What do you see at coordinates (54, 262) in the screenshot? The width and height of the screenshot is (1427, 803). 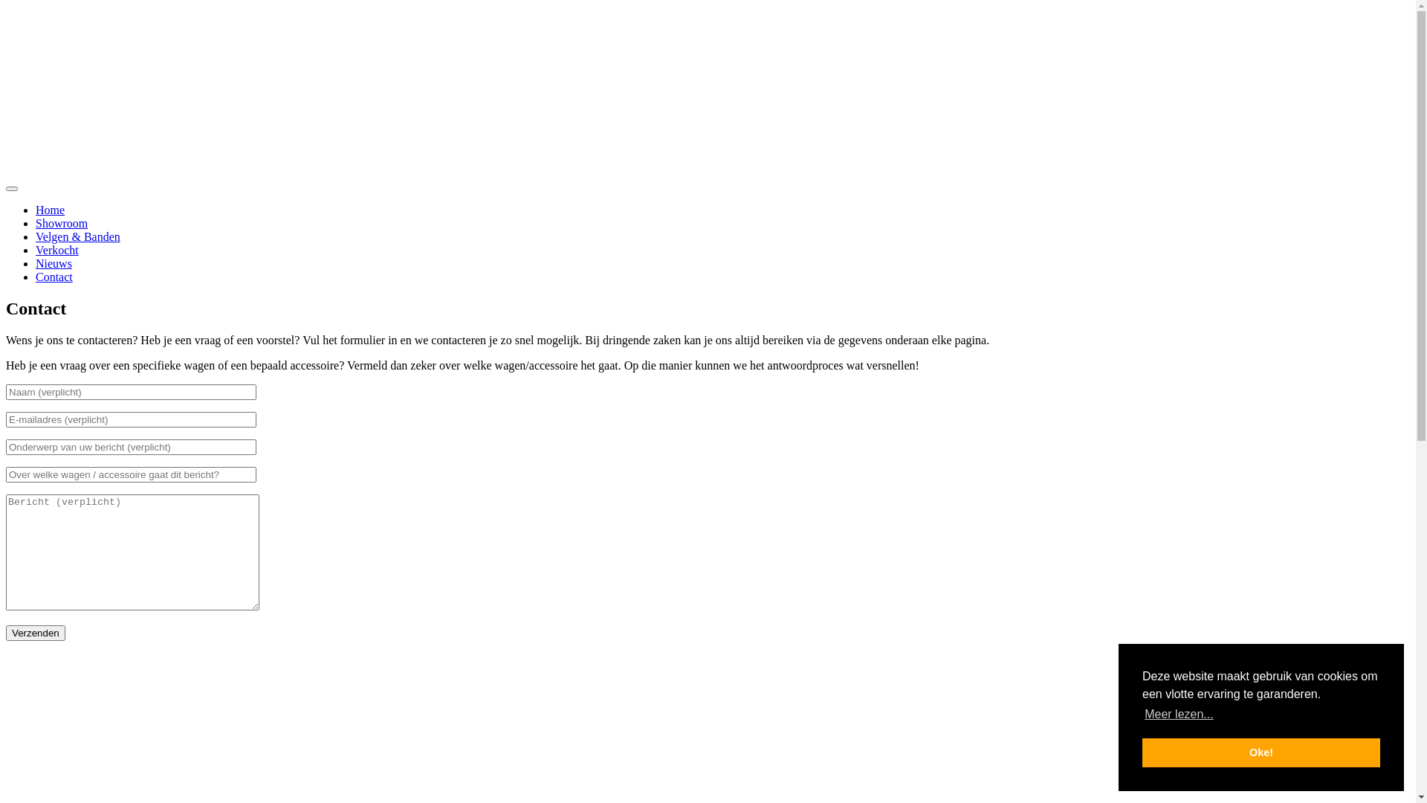 I see `'Nieuws'` at bounding box center [54, 262].